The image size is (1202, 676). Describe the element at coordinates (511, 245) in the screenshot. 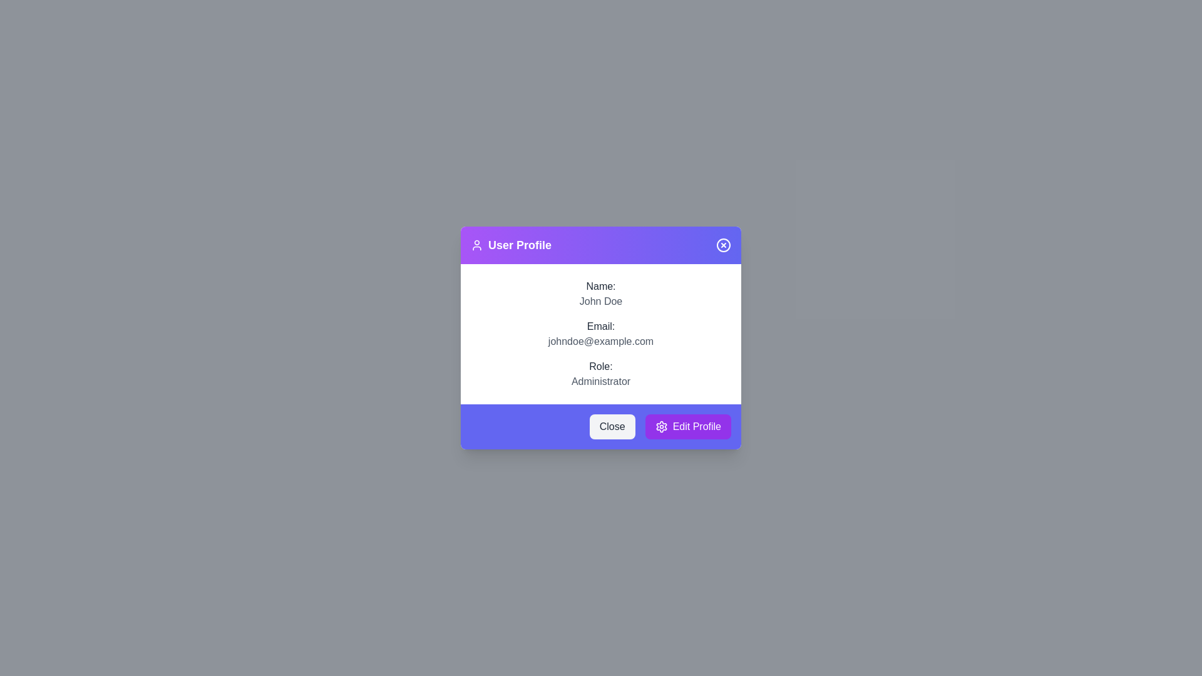

I see `the label with an icon that indicates the purpose of the modal related to user profile information, located in the upper-left corner of the modal header` at that location.